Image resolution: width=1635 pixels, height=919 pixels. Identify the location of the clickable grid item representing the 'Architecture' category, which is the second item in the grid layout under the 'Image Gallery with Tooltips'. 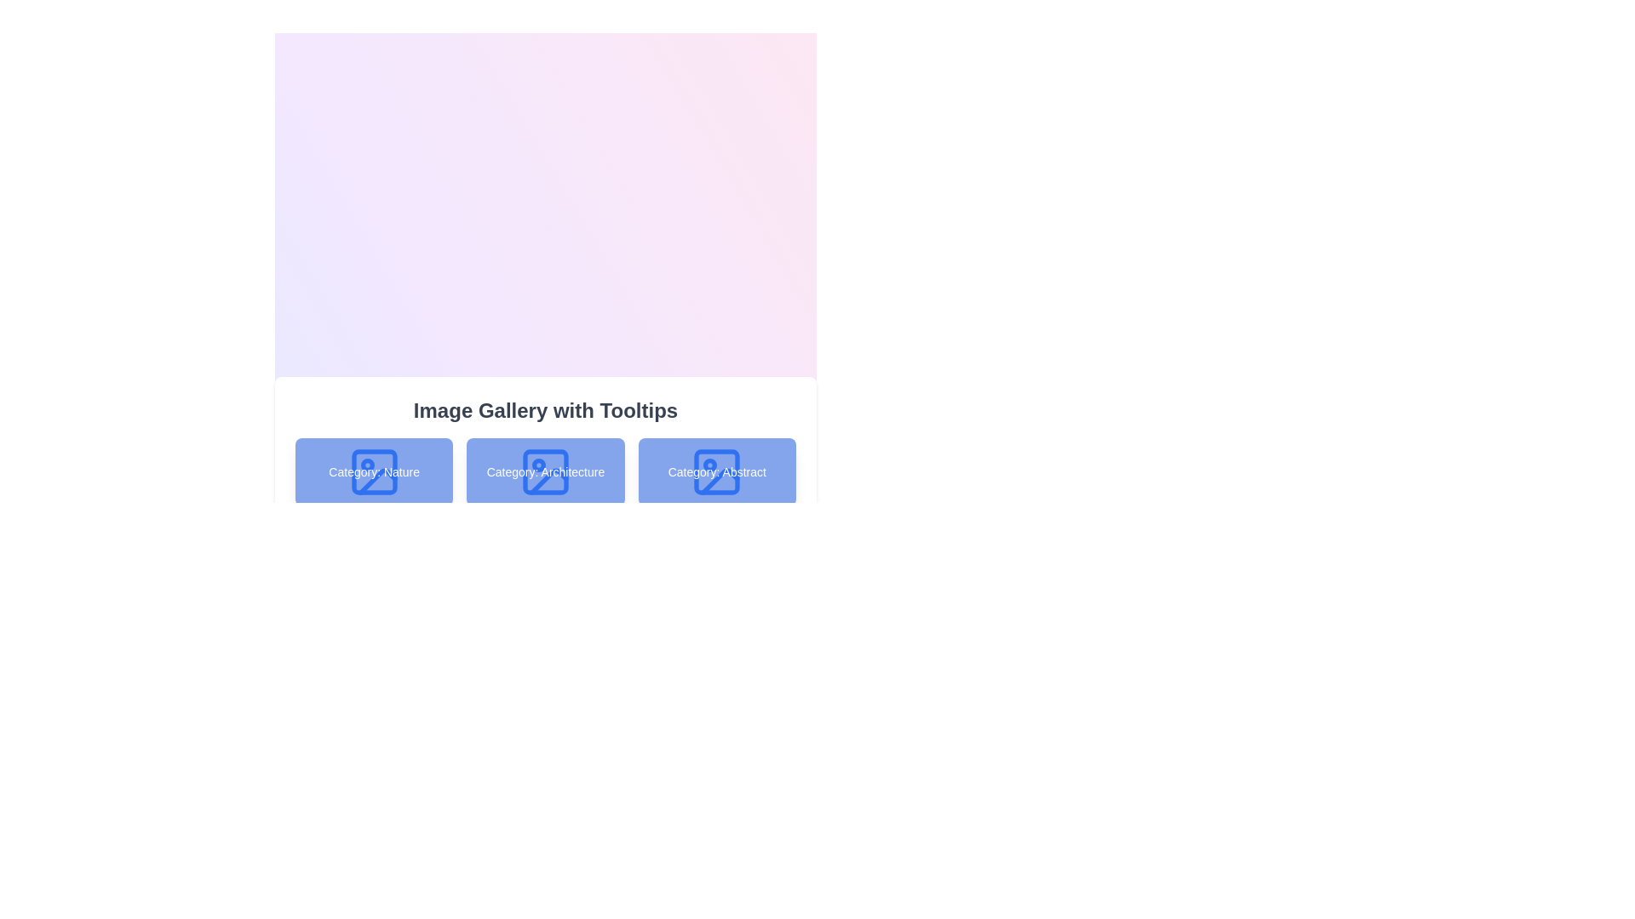
(546, 511).